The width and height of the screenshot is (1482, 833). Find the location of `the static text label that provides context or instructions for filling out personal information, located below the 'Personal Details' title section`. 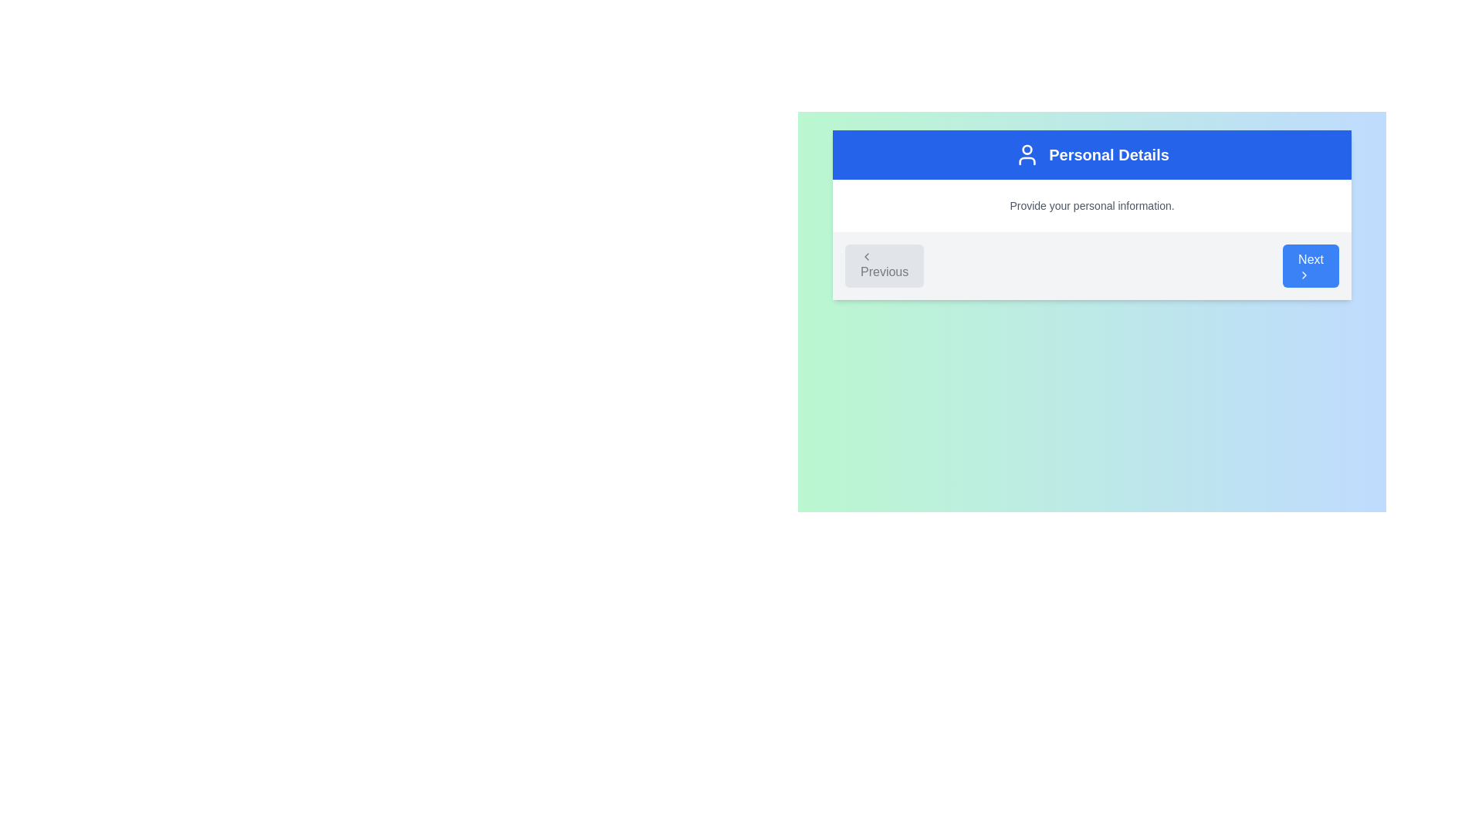

the static text label that provides context or instructions for filling out personal information, located below the 'Personal Details' title section is located at coordinates (1091, 204).